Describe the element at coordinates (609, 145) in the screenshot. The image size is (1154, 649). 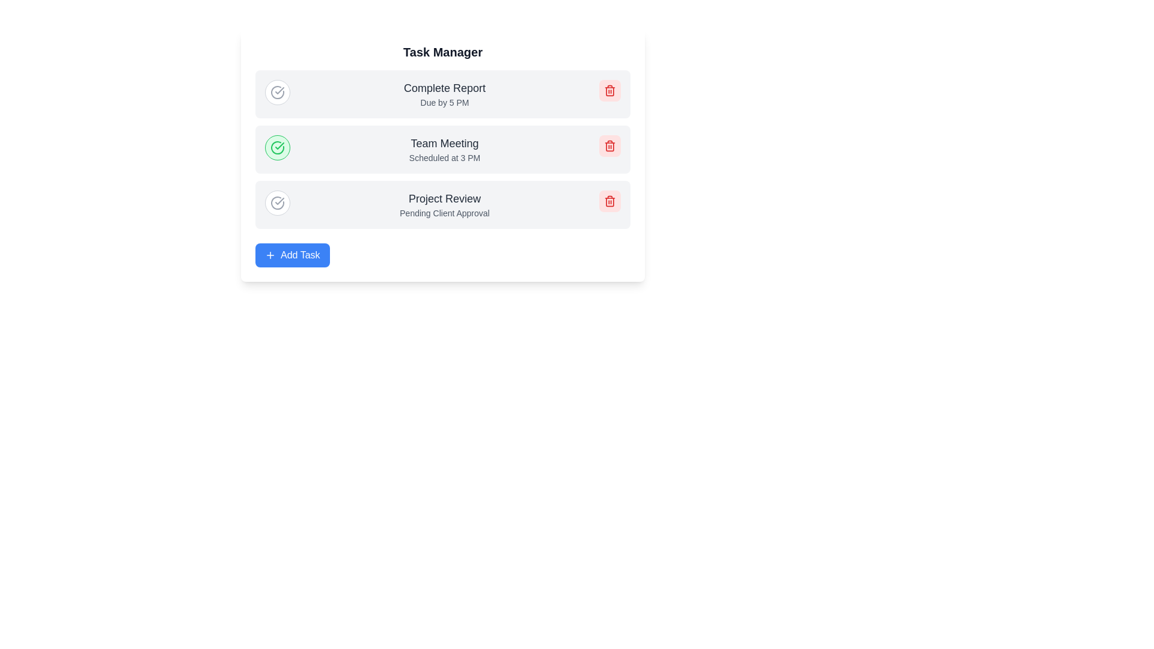
I see `the delete button located in the upper-right corner of the 'Team Meeting' task item` at that location.